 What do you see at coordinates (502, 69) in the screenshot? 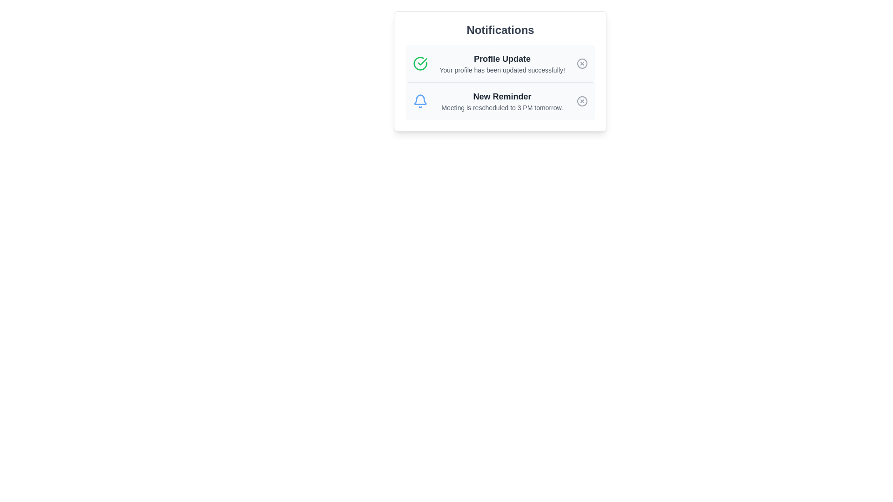
I see `the text label that reads 'Your profile has been updated successfully!' located beneath the title 'Profile Update' in the notification box` at bounding box center [502, 69].